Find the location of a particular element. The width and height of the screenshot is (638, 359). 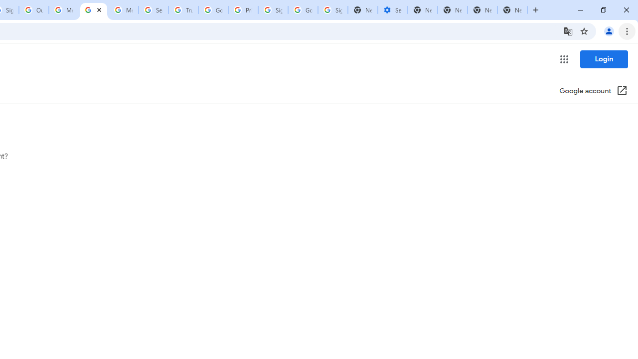

'Google Account (Opens in new window)' is located at coordinates (594, 91).